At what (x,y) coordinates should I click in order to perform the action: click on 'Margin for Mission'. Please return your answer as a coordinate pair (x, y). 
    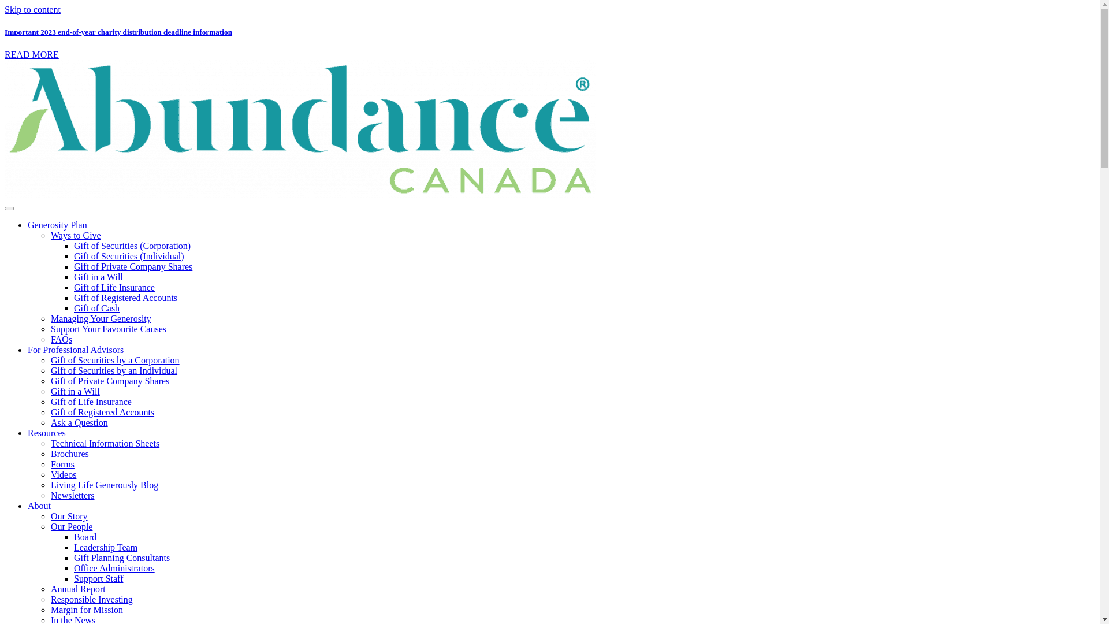
    Looking at the image, I should click on (50, 609).